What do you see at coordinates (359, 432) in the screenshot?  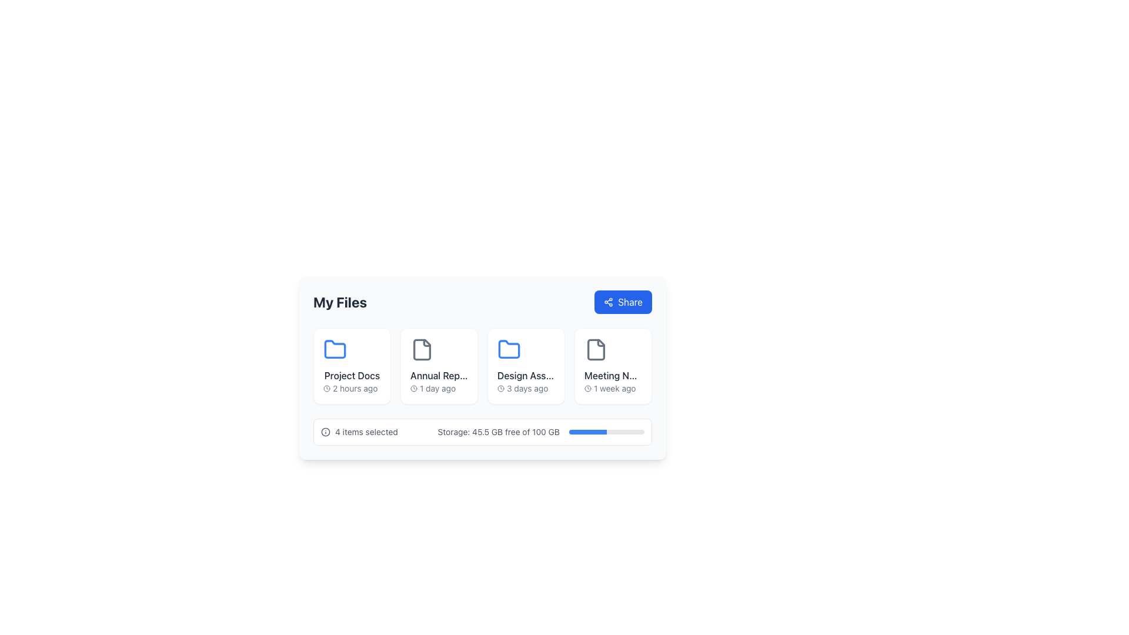 I see `the text label indicating that four items have been selected, which is positioned to the left side above a storage usage bar` at bounding box center [359, 432].